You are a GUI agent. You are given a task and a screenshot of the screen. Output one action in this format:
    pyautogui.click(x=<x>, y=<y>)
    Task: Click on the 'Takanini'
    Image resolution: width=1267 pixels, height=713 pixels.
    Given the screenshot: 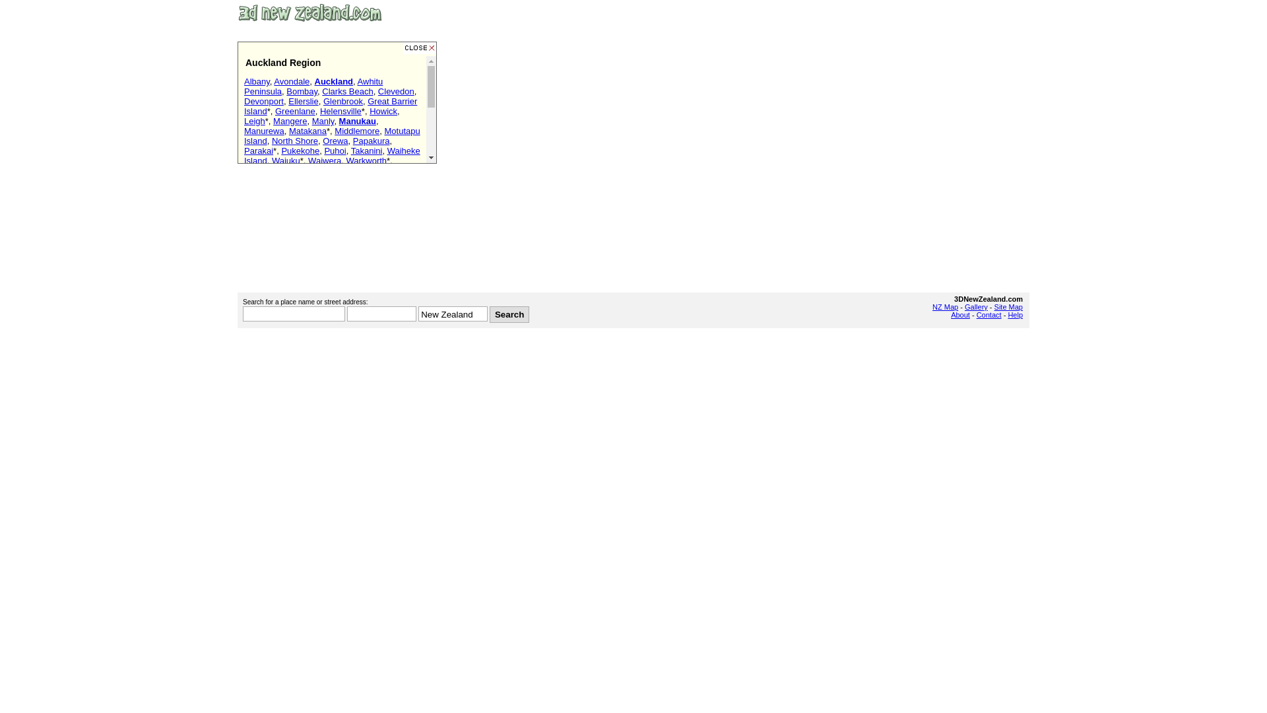 What is the action you would take?
    pyautogui.click(x=367, y=150)
    